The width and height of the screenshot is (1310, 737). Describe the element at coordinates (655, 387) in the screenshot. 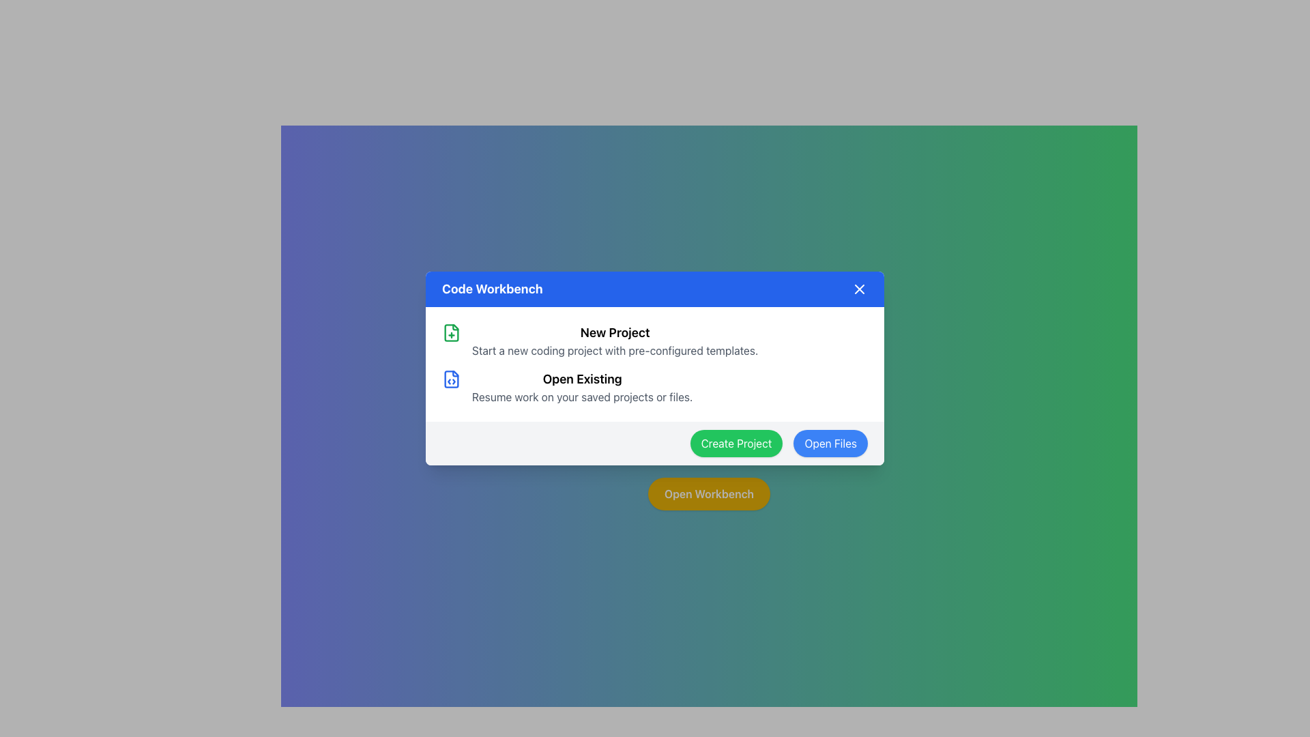

I see `the clickable item with an icon and text description that allows access to previously saved projects or files, located below 'New Project' and above 'Create Project' and 'Open Files'` at that location.